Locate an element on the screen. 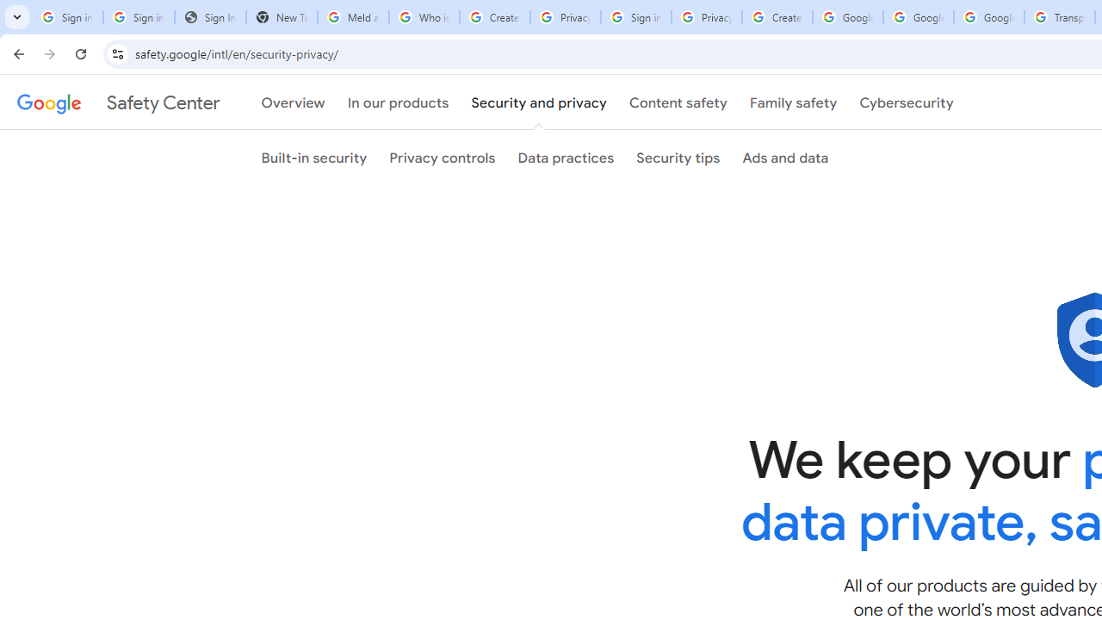 The width and height of the screenshot is (1102, 620). 'Family safety' is located at coordinates (792, 102).